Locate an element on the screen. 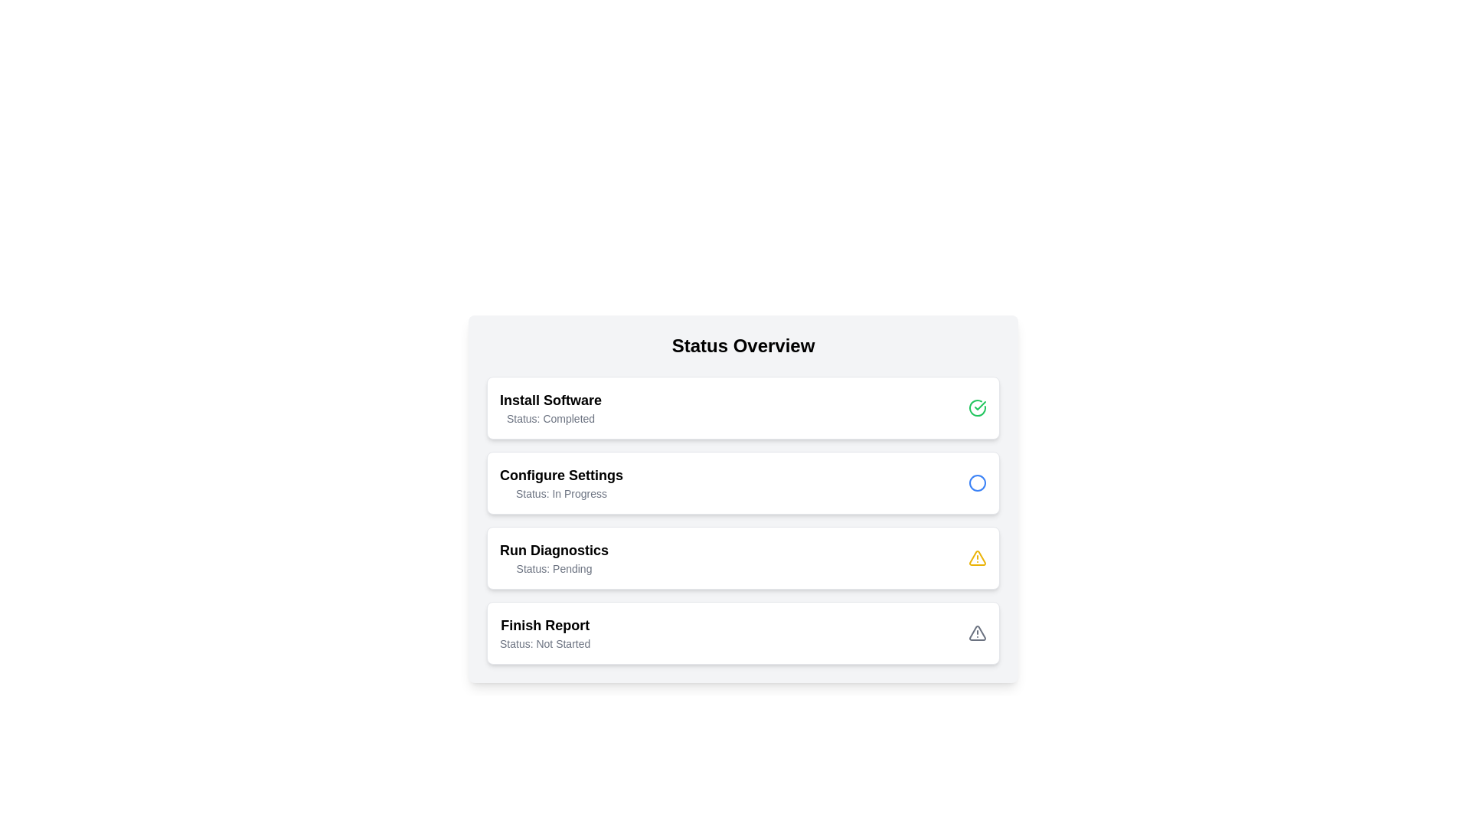 This screenshot has height=827, width=1470. the warning icon located on the far right side of the fourth row in the status overview list, next to the 'Status: Not Started' text for the 'Finish Report' item is located at coordinates (976, 633).